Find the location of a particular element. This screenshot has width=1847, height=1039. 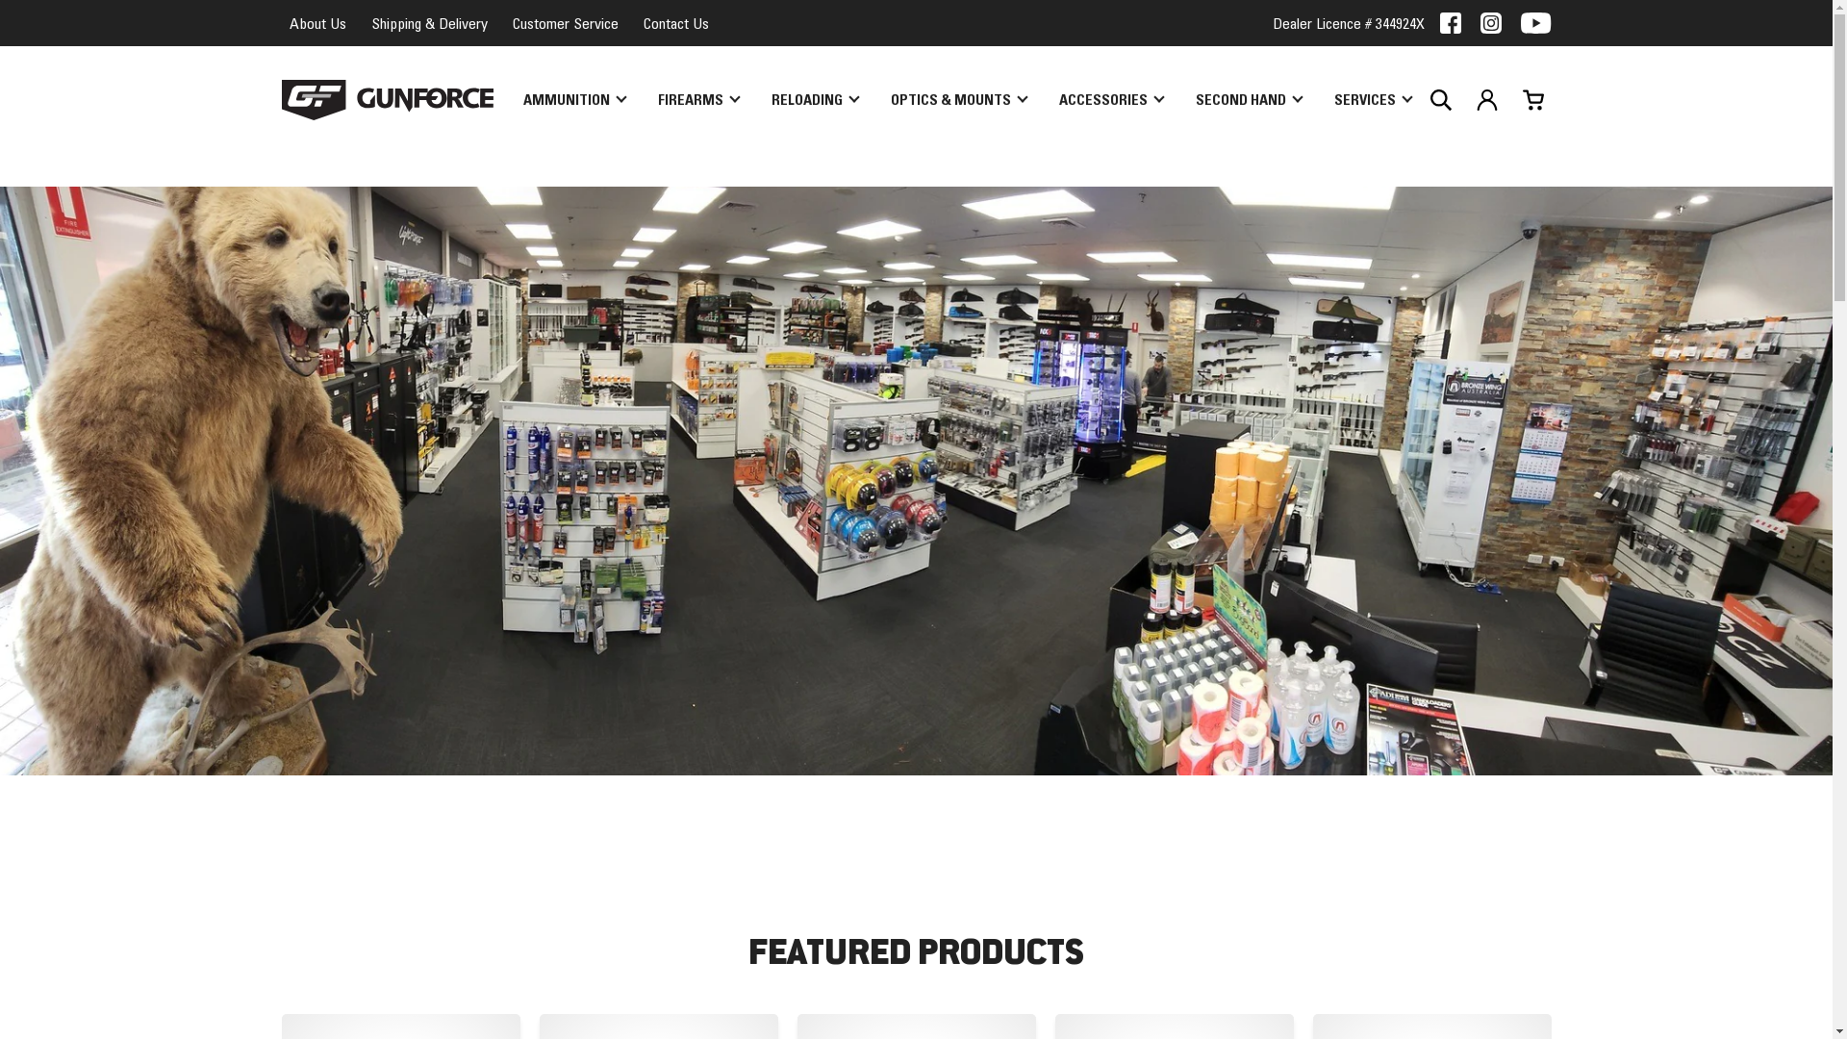

'Youtube' is located at coordinates (1534, 22).